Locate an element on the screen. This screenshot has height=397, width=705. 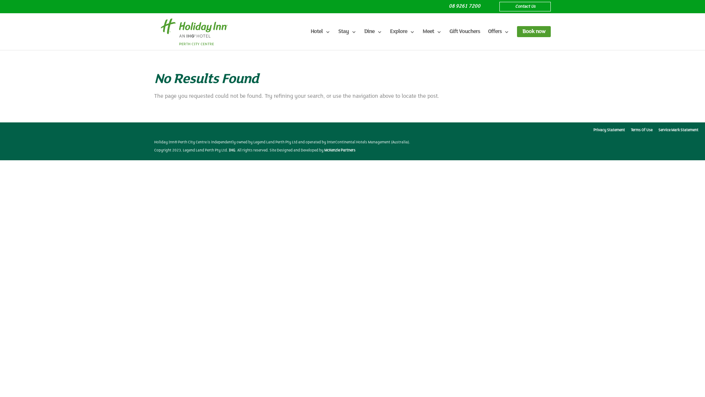
'Hotel' is located at coordinates (320, 37).